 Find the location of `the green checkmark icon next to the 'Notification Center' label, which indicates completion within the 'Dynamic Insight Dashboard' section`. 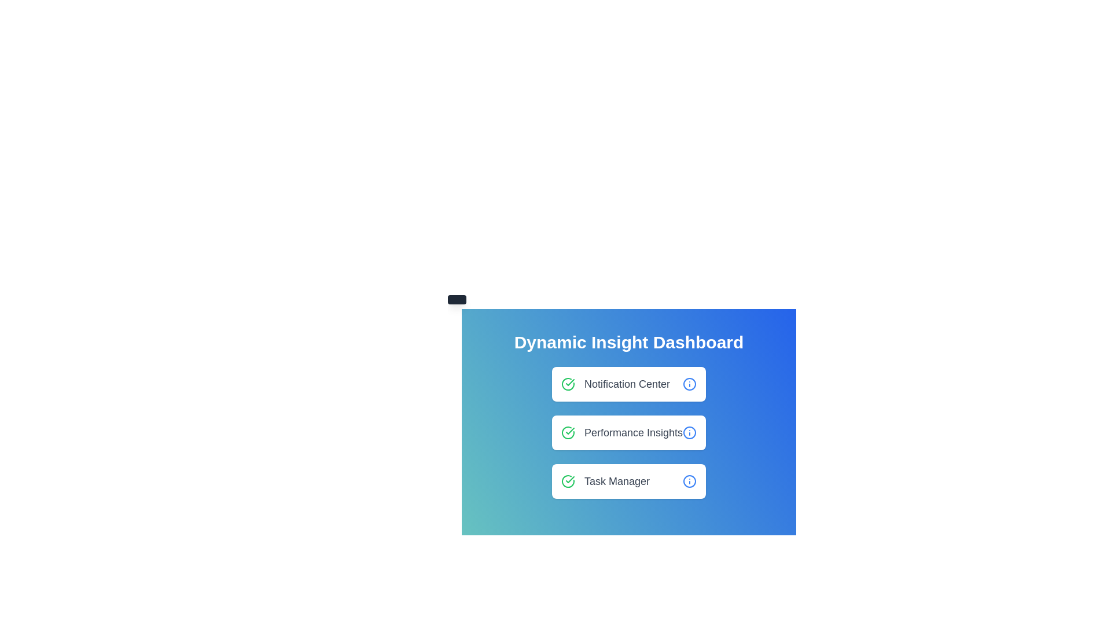

the green checkmark icon next to the 'Notification Center' label, which indicates completion within the 'Dynamic Insight Dashboard' section is located at coordinates (570, 431).